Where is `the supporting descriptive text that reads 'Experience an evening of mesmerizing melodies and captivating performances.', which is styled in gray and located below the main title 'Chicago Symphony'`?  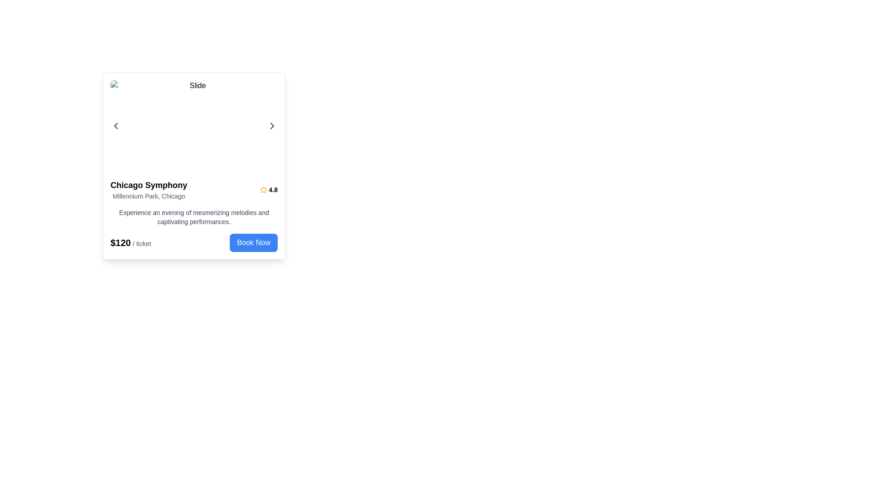
the supporting descriptive text that reads 'Experience an evening of mesmerizing melodies and captivating performances.', which is styled in gray and located below the main title 'Chicago Symphony' is located at coordinates (194, 217).